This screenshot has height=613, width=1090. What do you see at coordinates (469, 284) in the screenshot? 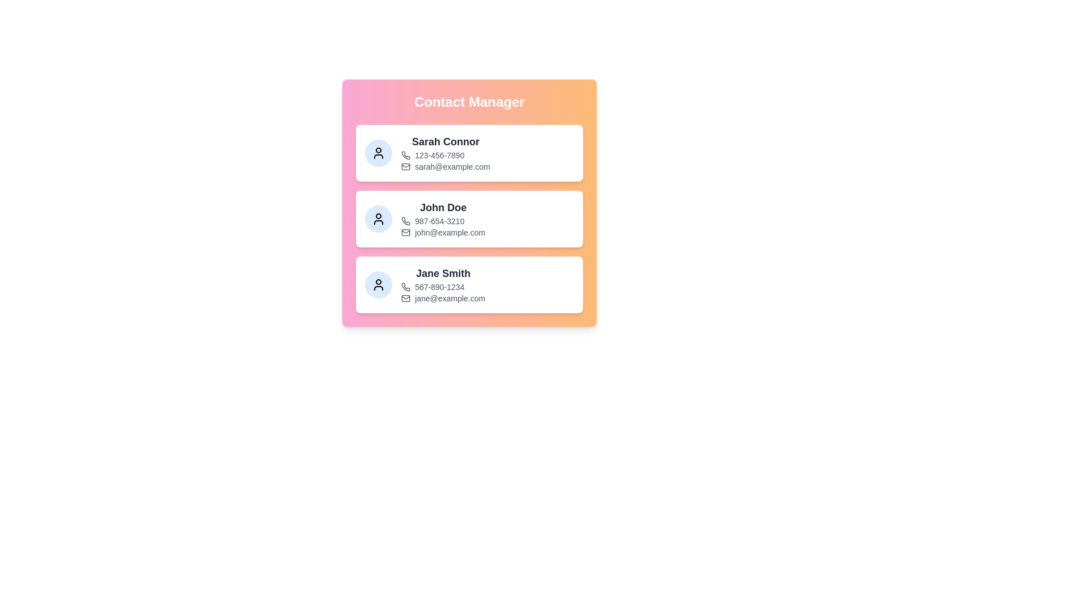
I see `the contact card to view details for Jane Smith` at bounding box center [469, 284].